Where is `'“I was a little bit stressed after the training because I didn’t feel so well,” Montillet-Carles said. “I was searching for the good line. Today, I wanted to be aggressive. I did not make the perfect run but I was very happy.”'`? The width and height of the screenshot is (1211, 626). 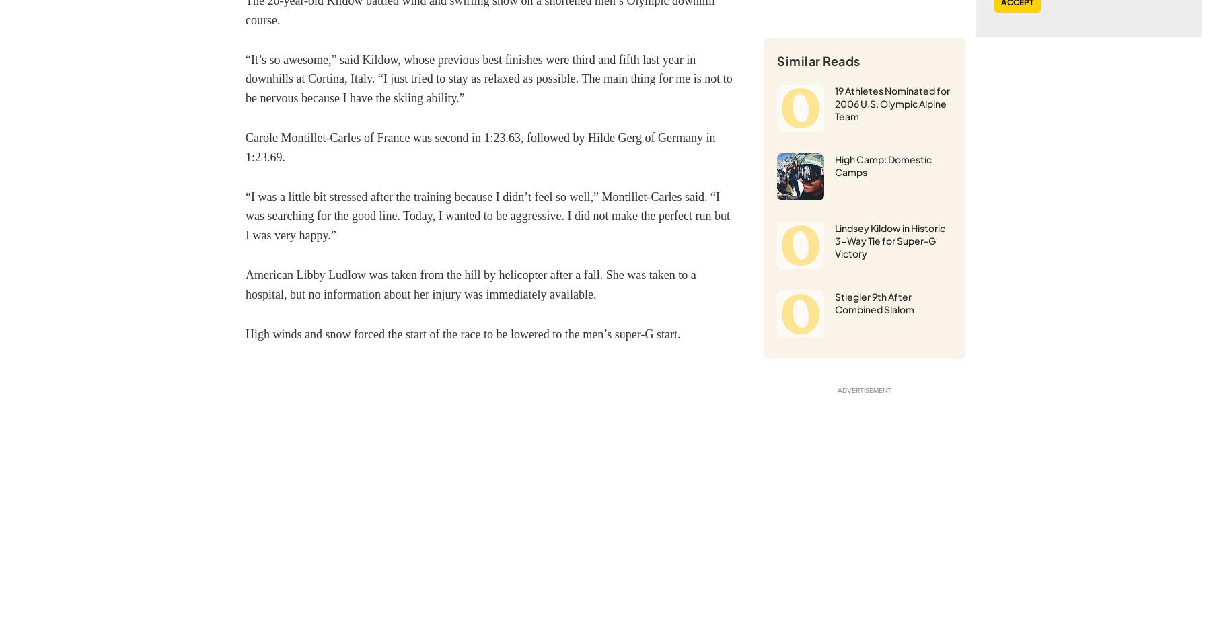 '“I was a little bit stressed after the training because I didn’t feel so well,” Montillet-Carles said. “I was searching for the good line. Today, I wanted to be aggressive. I did not make the perfect run but I was very happy.”' is located at coordinates (246, 215).